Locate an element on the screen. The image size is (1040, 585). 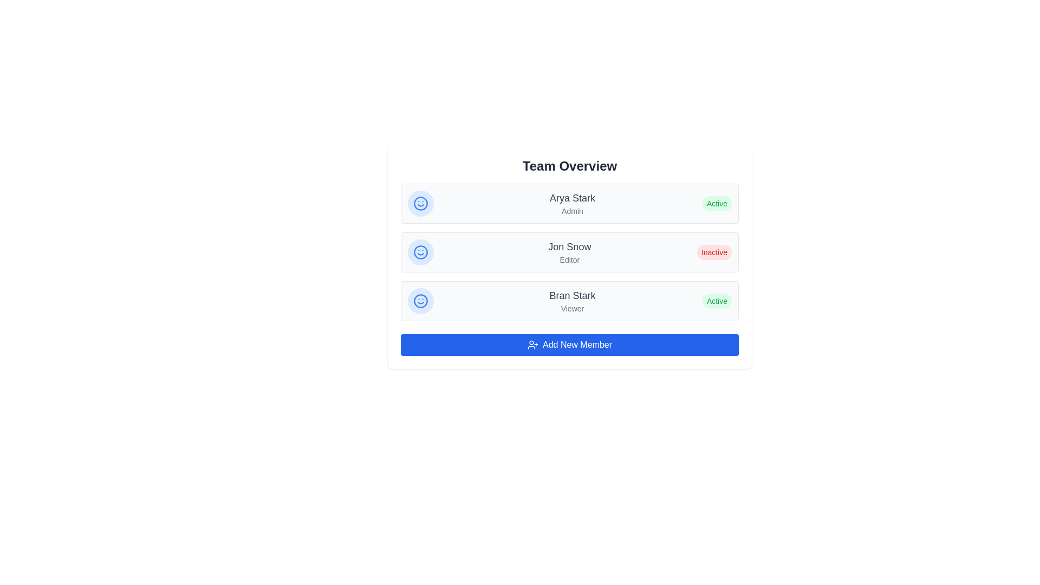
the name 'Jon Snow' in the User Card is located at coordinates (569, 252).